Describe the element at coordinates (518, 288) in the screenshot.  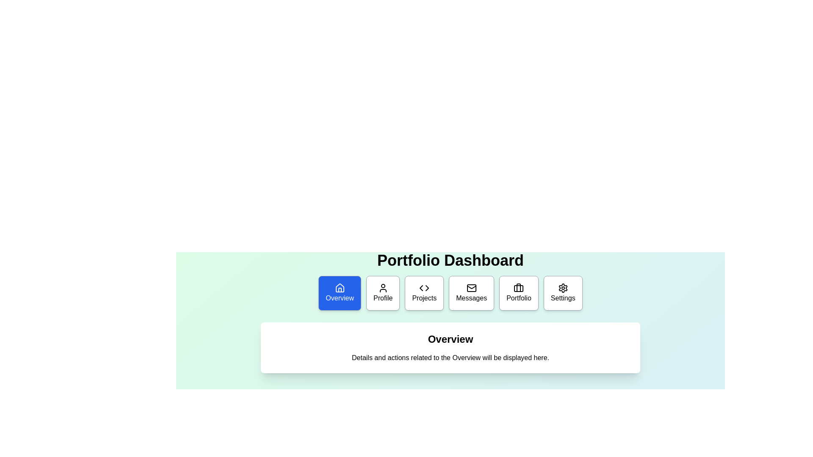
I see `the 'Portfolio' tile icon, which is centrally located within the tile labeled 'Portfolio' in the horizontal menu` at that location.